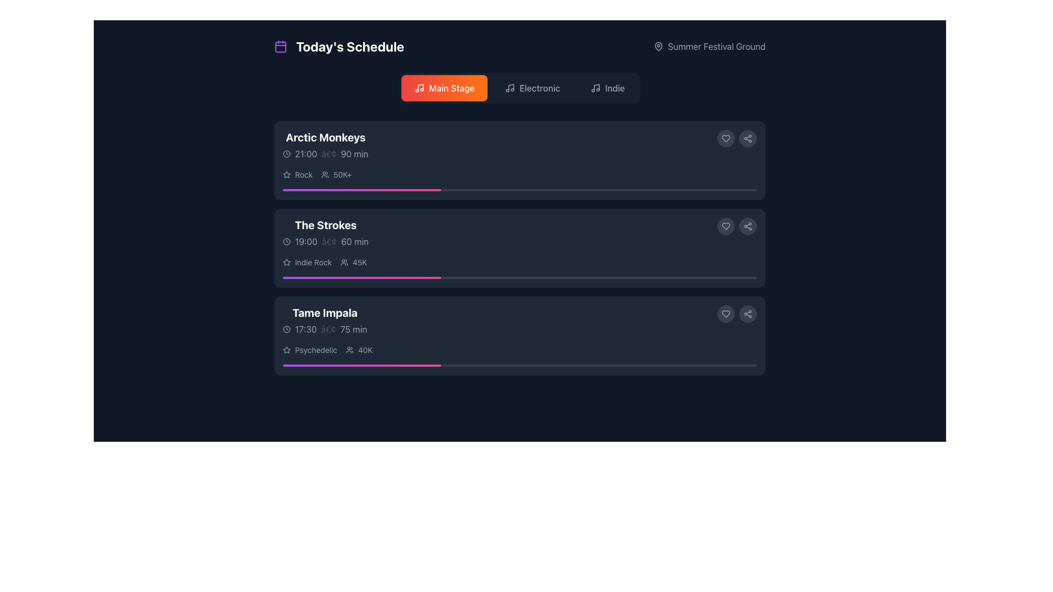 The height and width of the screenshot is (592, 1053). I want to click on the pin icon styled using the 'lucide' library, which is located adjacent to the text 'Summer Festival Ground' on the right side of the interface, so click(658, 45).